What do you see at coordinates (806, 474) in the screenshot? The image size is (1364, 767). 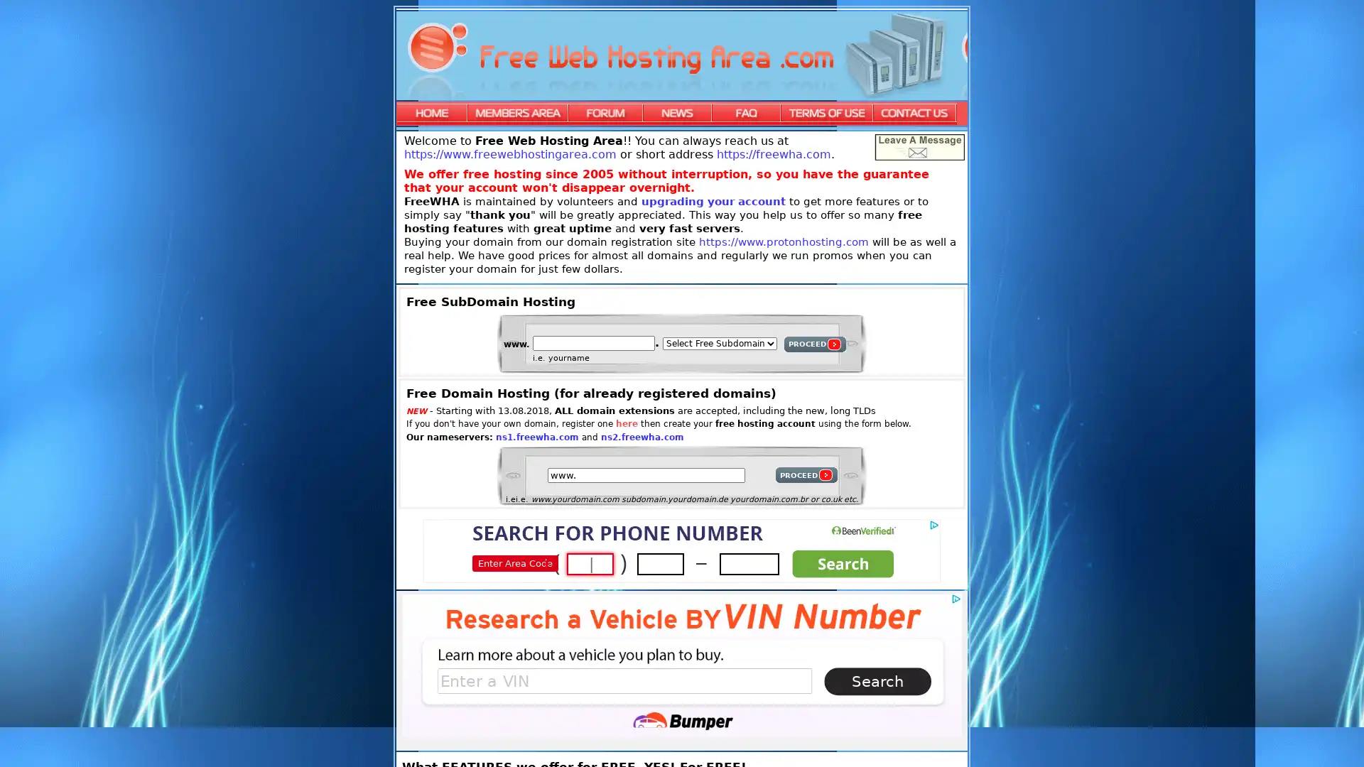 I see `PROCEED` at bounding box center [806, 474].